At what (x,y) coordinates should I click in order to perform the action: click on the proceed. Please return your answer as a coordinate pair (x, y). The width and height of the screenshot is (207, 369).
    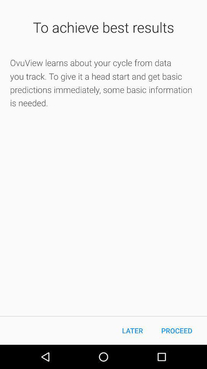
    Looking at the image, I should click on (177, 330).